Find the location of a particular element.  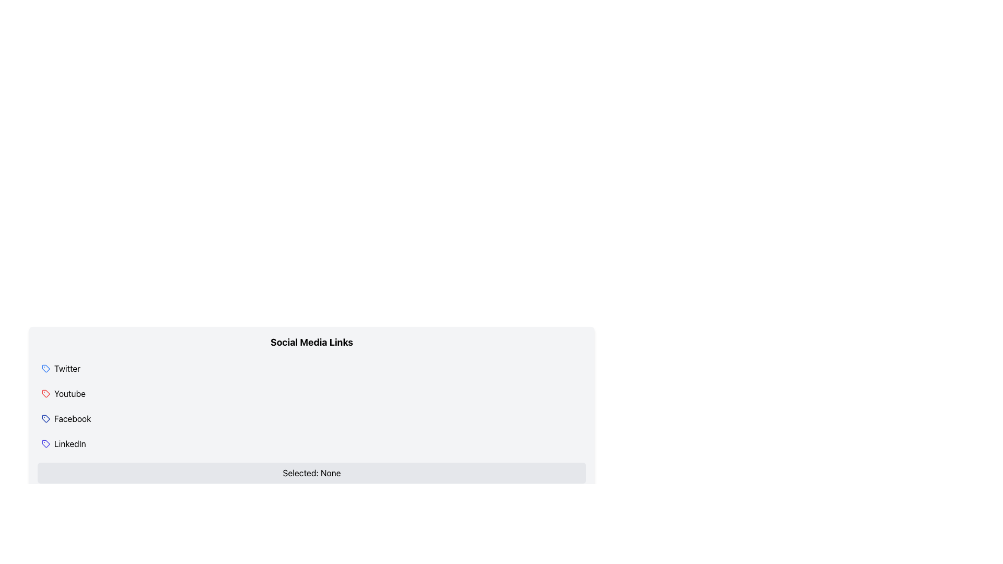

the 'Twitter' text element, which is displayed in bold black text beside a blue tag icon within a light gray button-like background is located at coordinates (67, 368).